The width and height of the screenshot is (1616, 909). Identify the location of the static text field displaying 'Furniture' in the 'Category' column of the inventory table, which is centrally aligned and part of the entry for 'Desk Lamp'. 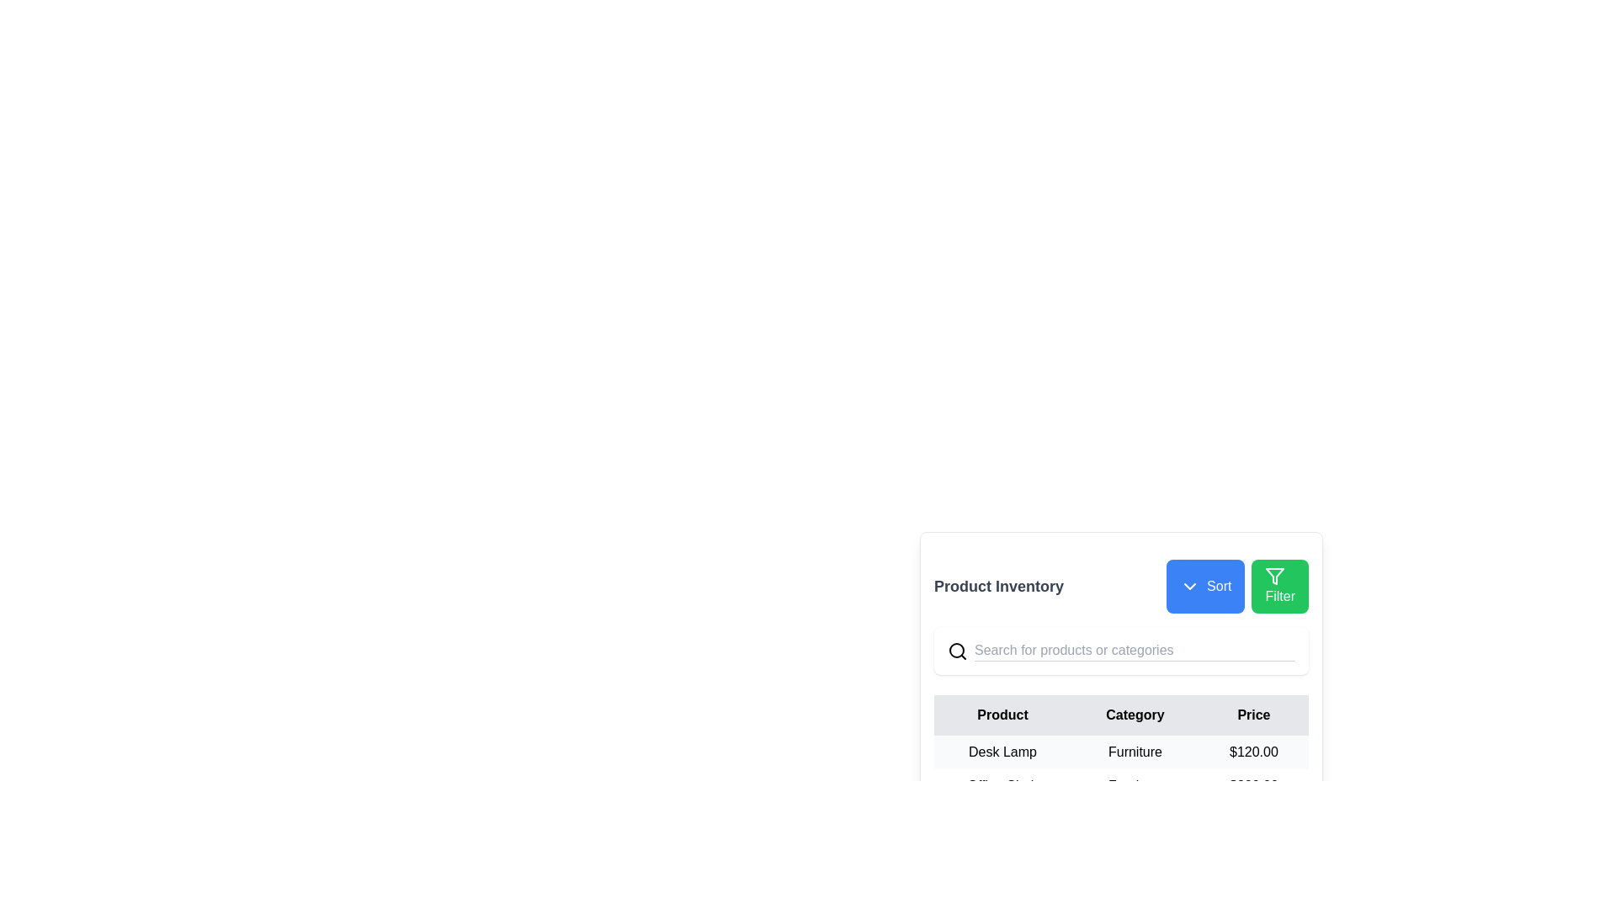
(1135, 752).